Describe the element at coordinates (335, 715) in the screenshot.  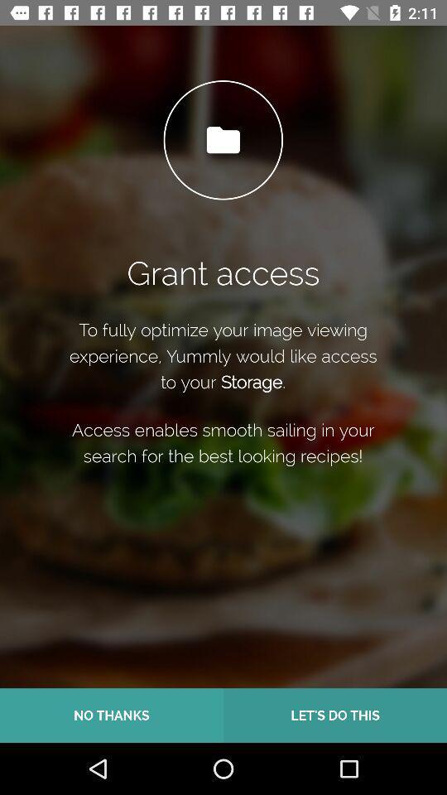
I see `icon next to no thanks item` at that location.